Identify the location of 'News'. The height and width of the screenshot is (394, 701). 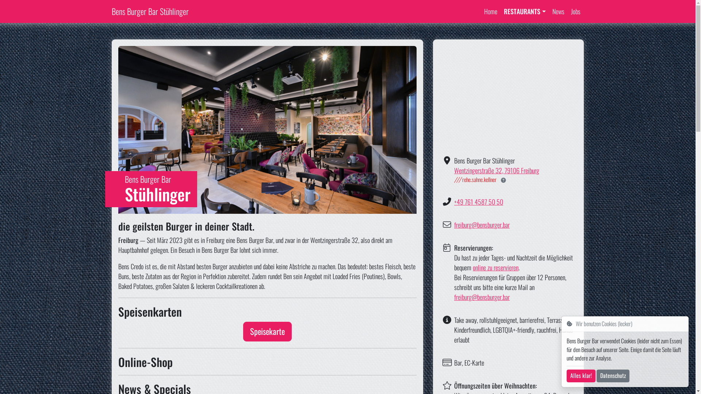
(558, 11).